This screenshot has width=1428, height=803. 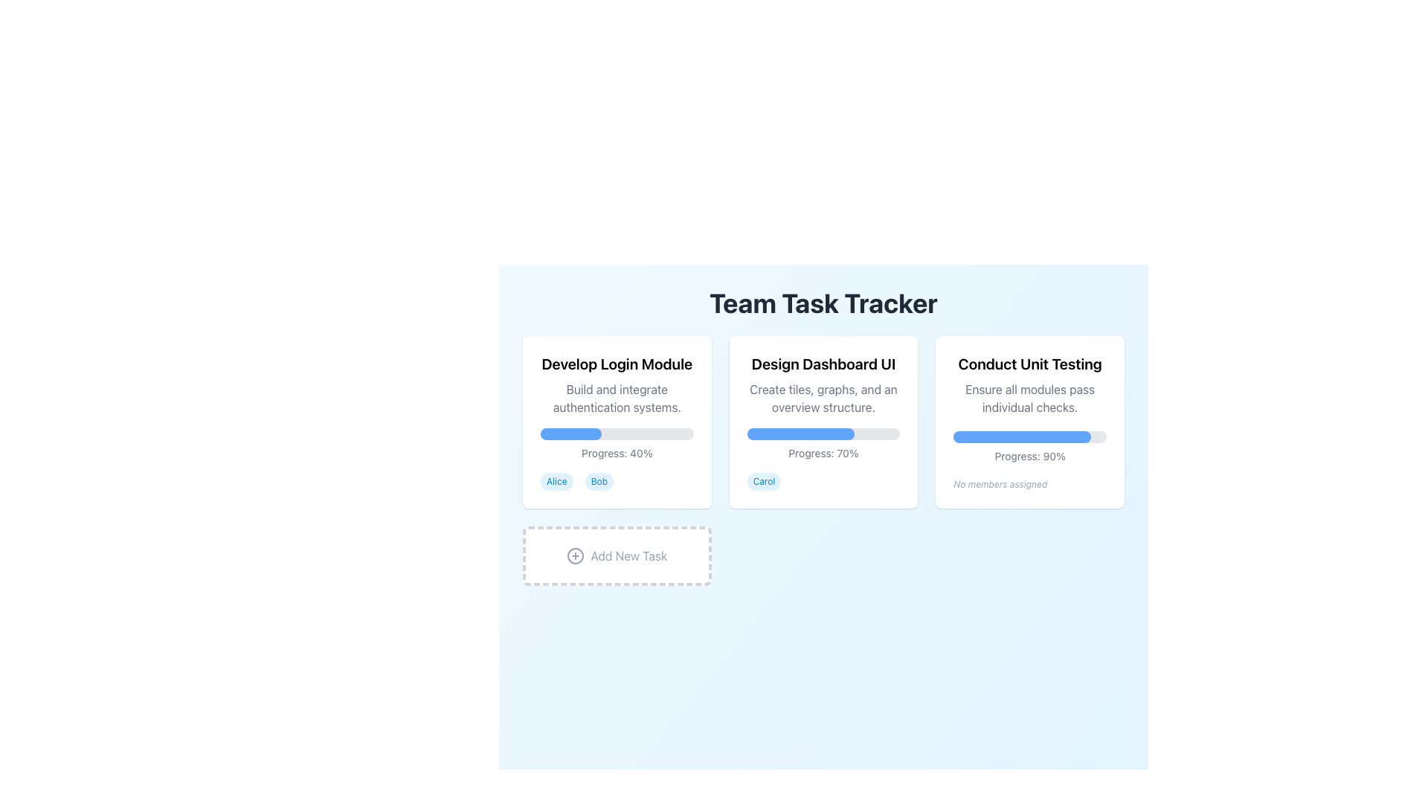 I want to click on the progress indicator text label located beneath the progress bar of the 'Conduct Unit Testing' task card, which is the rightmost card in the horizontal layout, so click(x=1029, y=455).